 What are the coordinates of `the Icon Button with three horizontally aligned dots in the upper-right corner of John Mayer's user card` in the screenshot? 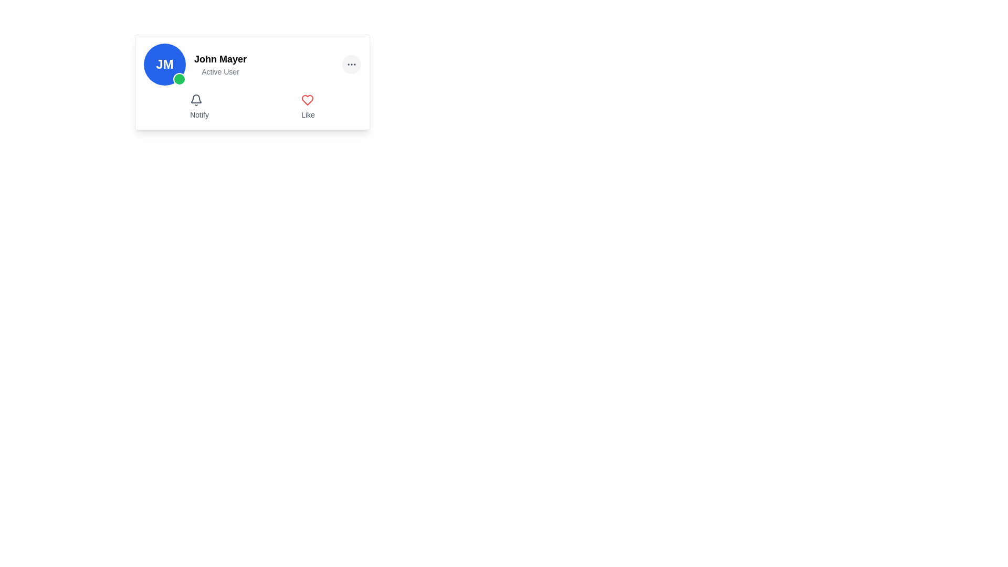 It's located at (352, 65).